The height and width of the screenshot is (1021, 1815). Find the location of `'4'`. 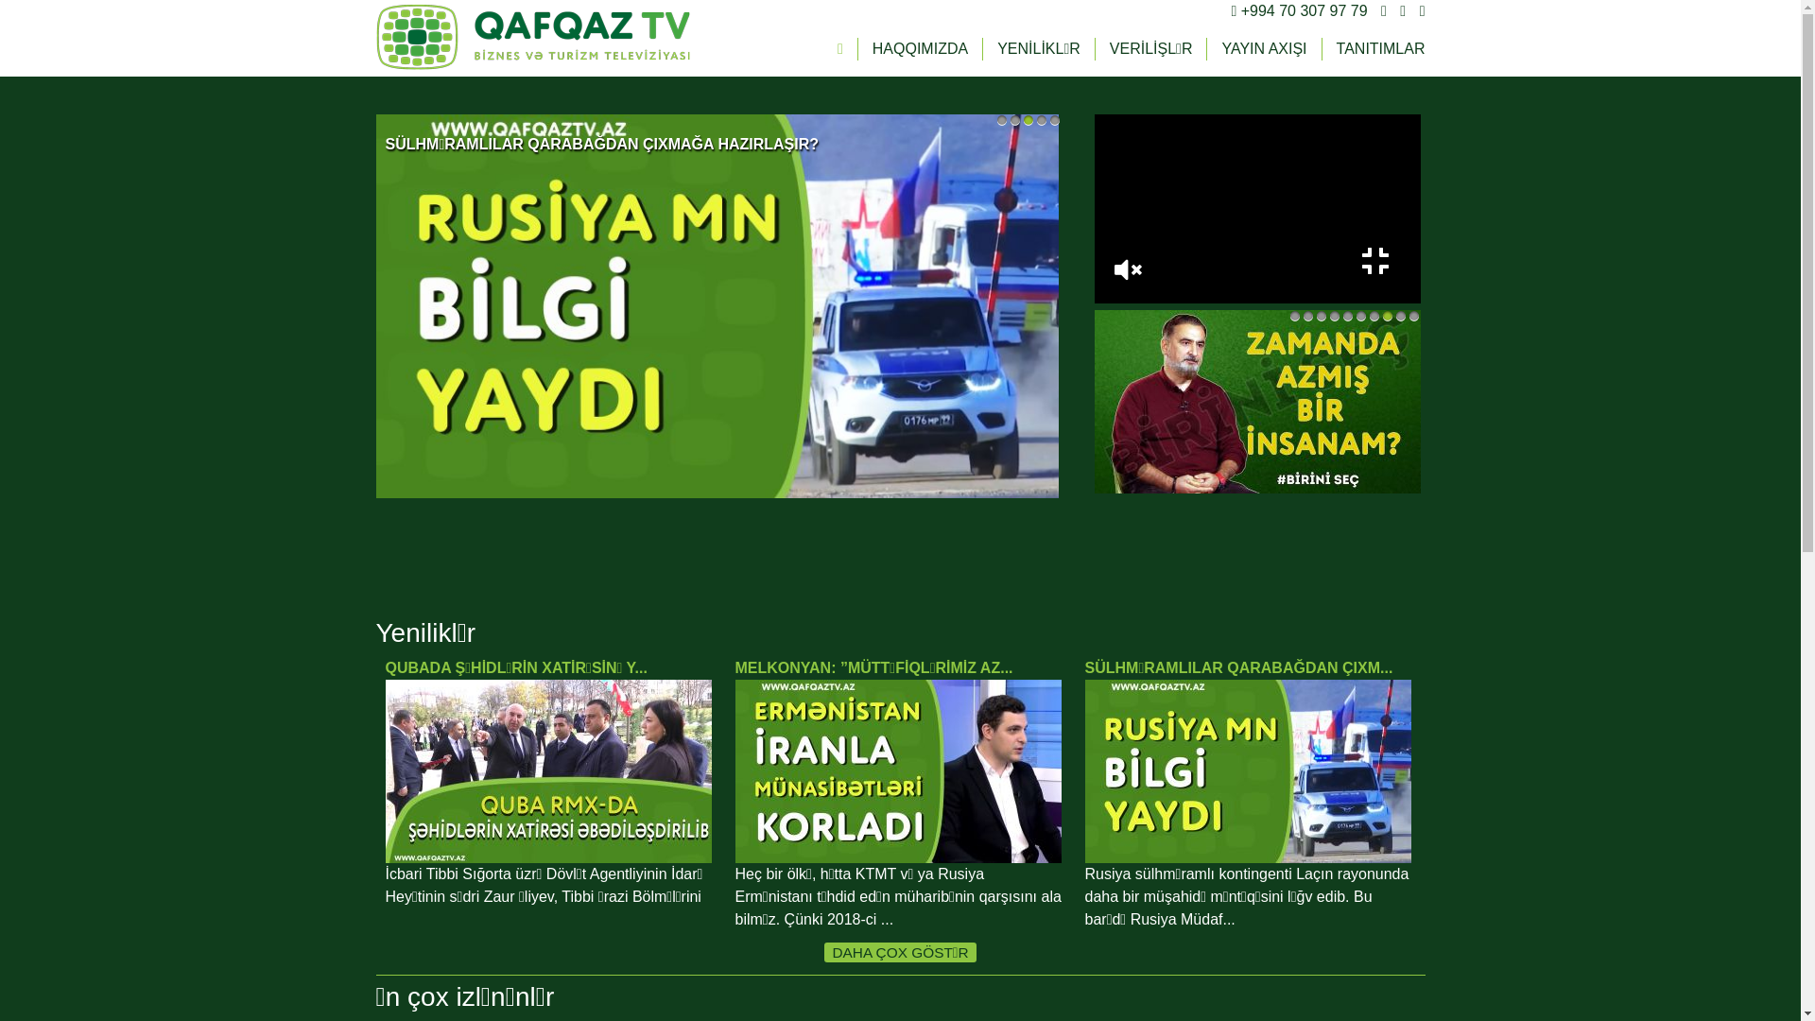

'4' is located at coordinates (1333, 315).